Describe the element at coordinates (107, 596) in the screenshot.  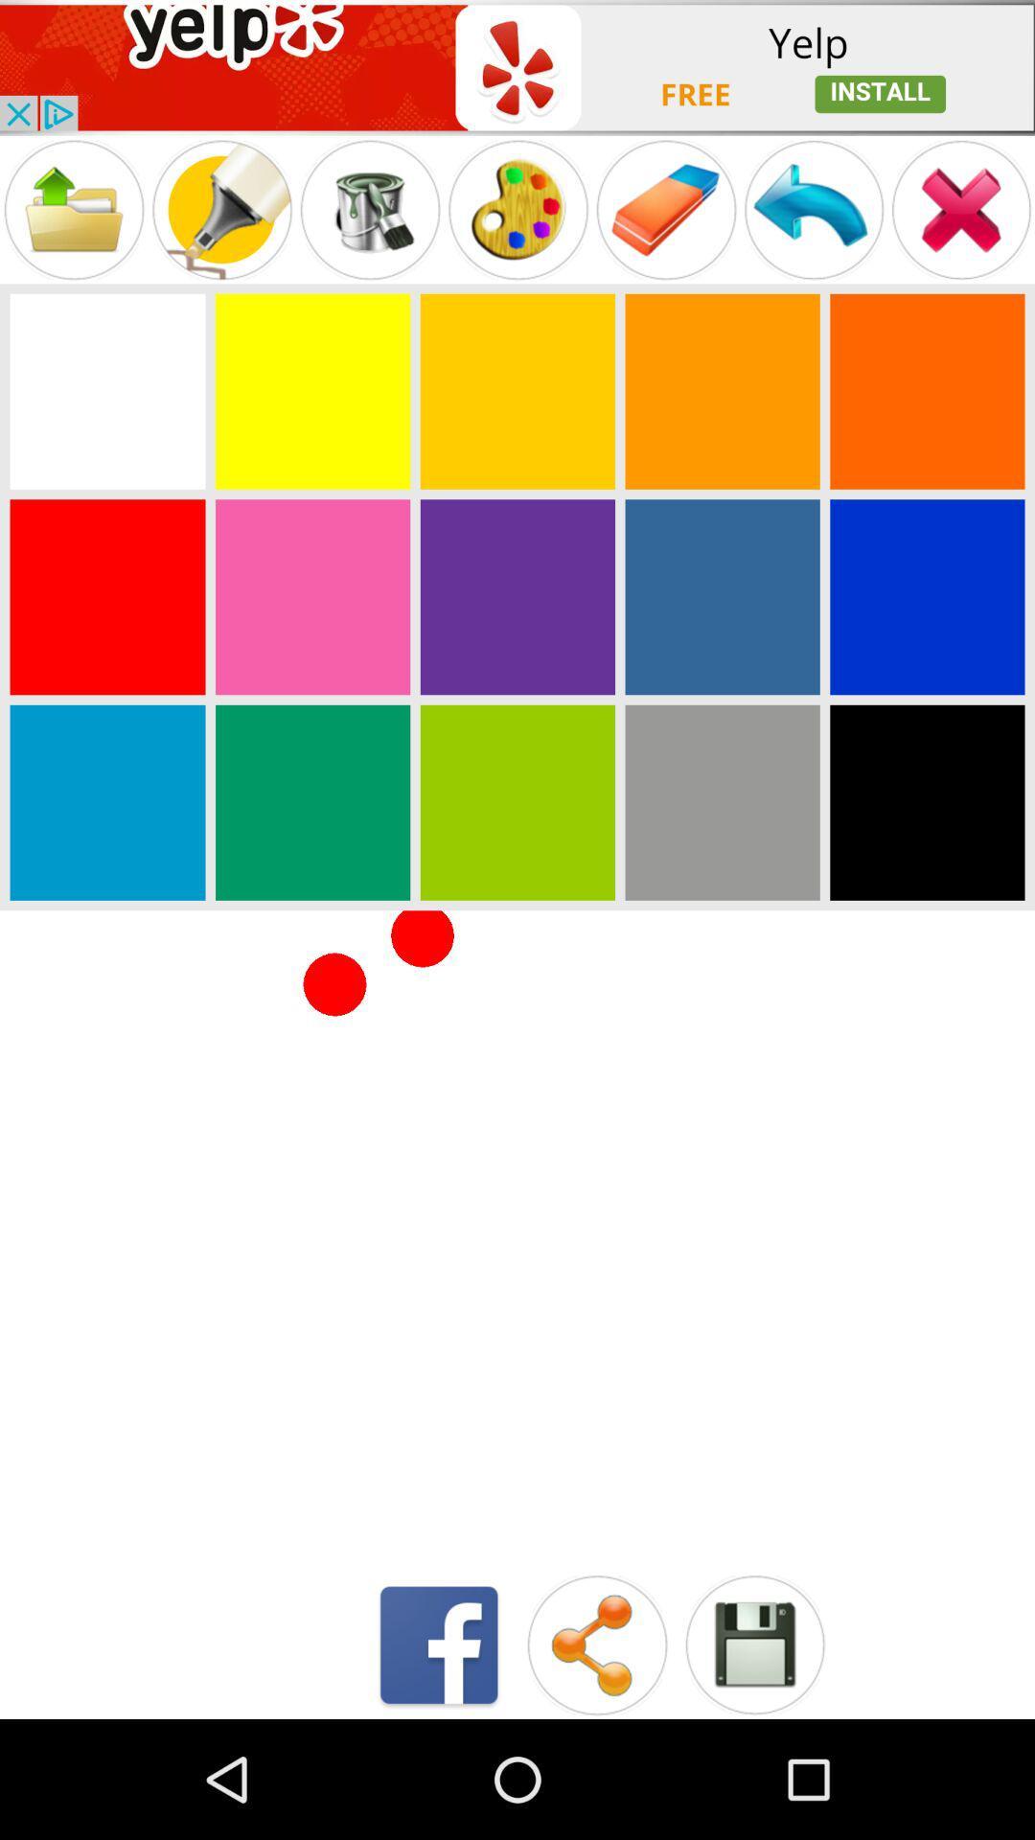
I see `choose red color` at that location.